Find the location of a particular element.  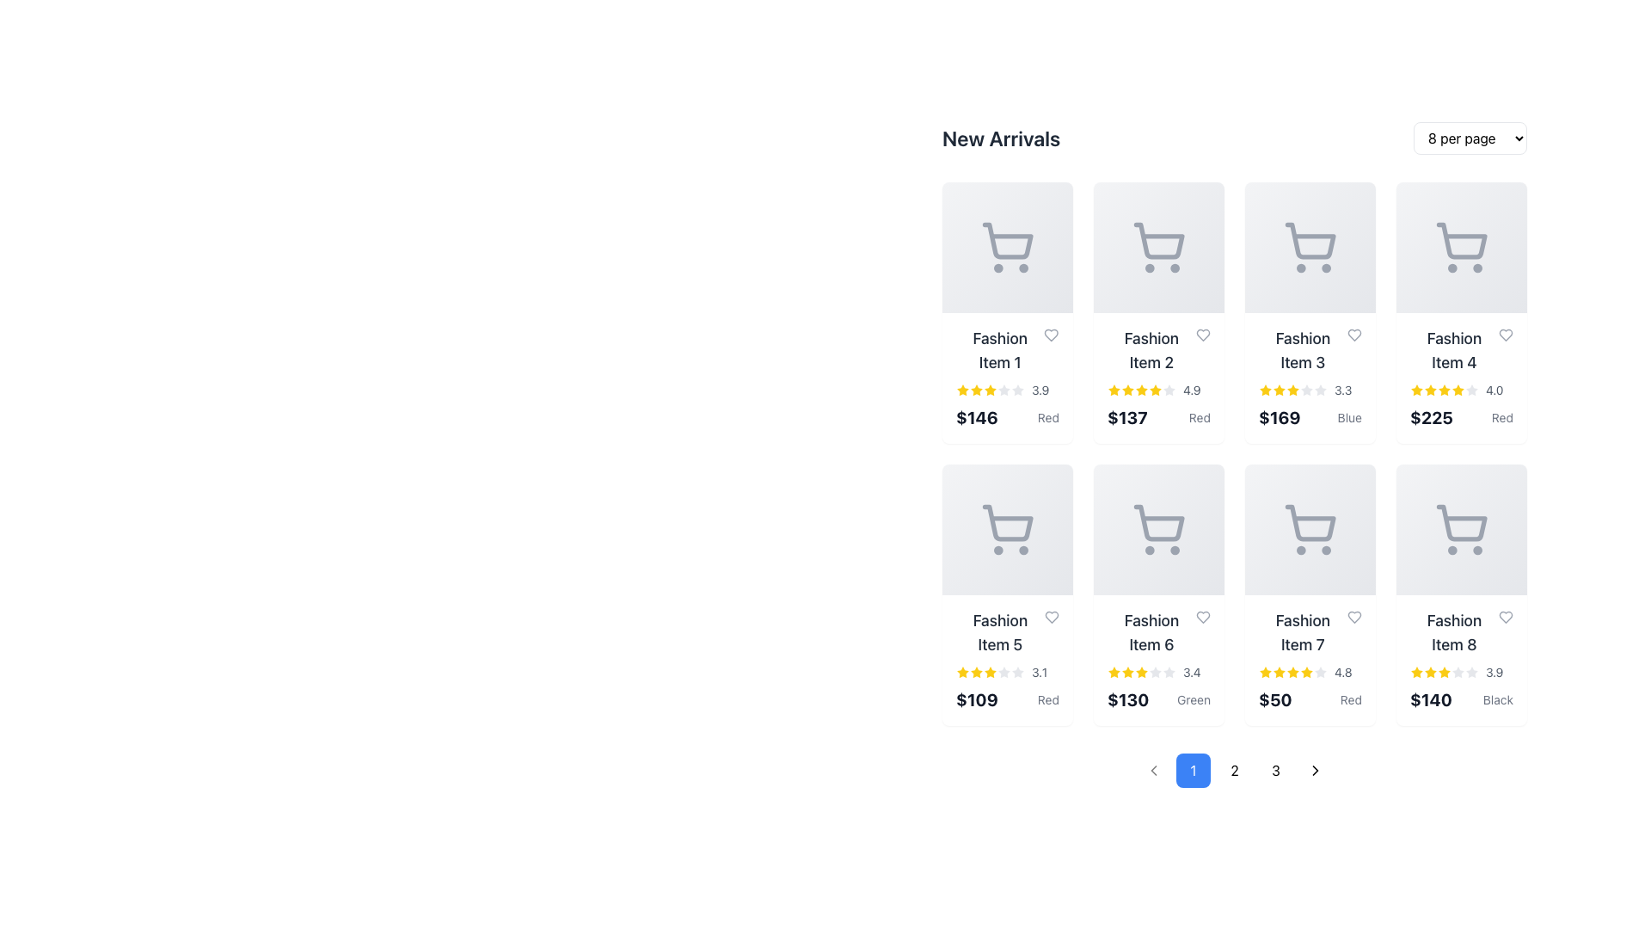

text content of the product title label located in the top-left corner of the grid layout under the 'New Arrivals' heading is located at coordinates (1007, 350).